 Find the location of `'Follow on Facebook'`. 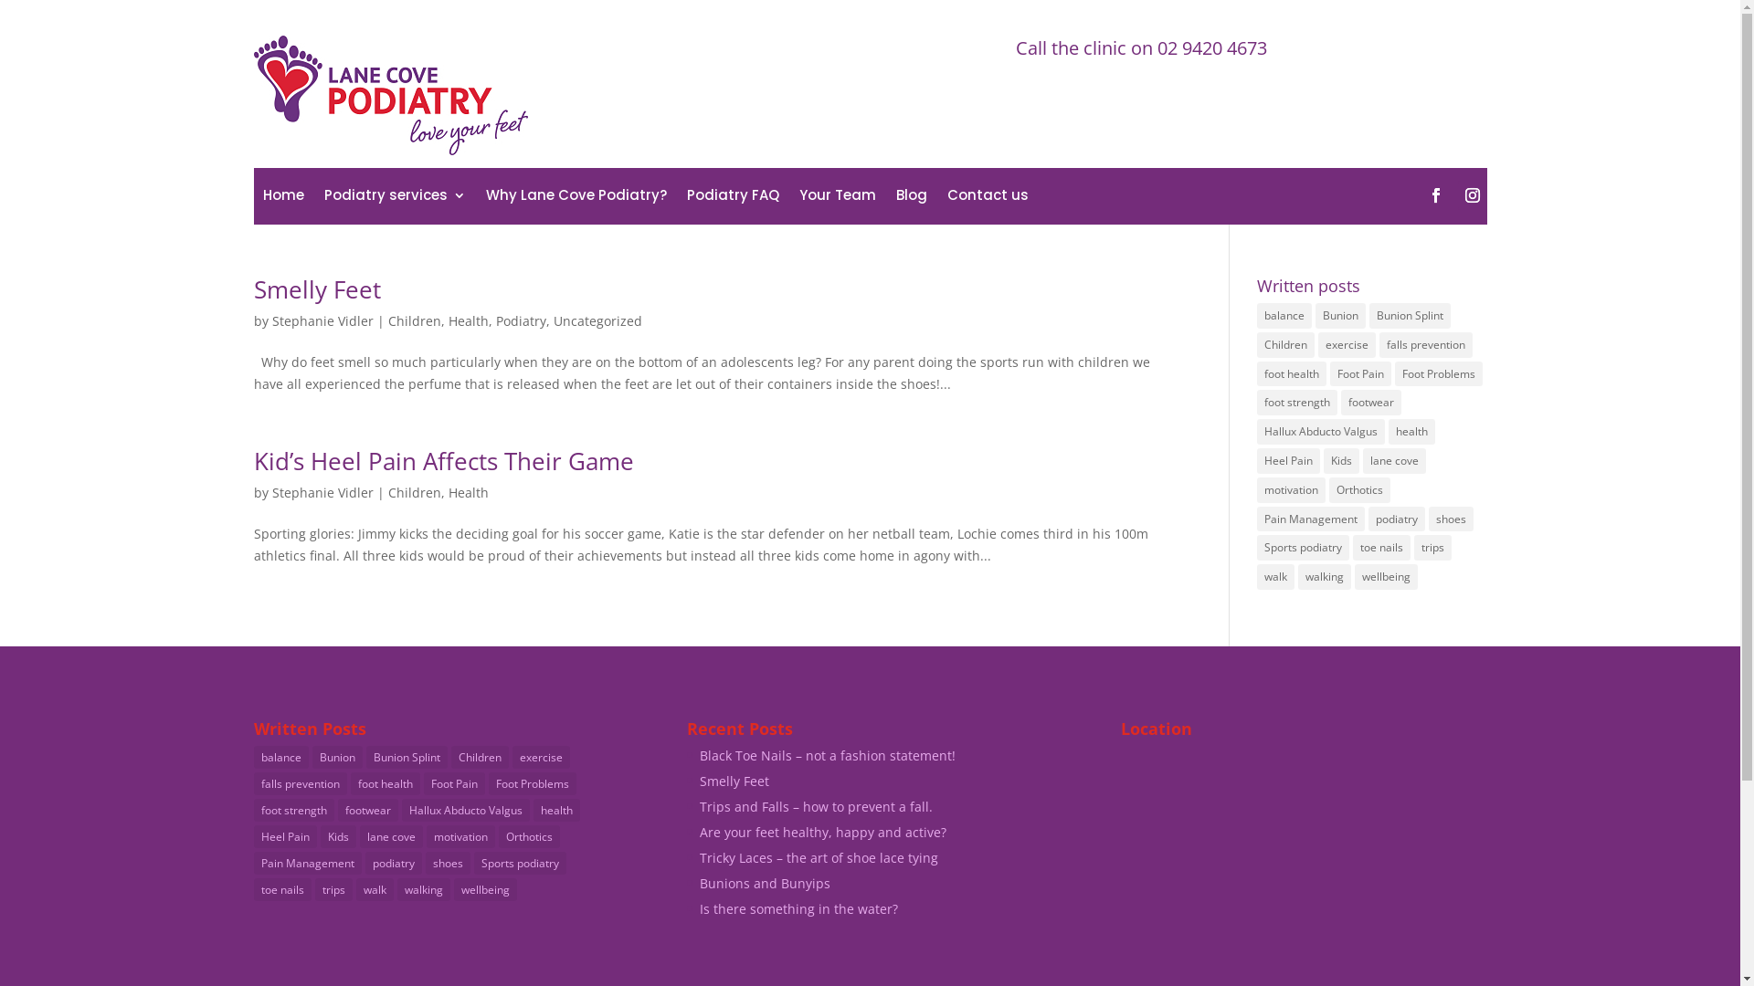

'Follow on Facebook' is located at coordinates (1434, 194).